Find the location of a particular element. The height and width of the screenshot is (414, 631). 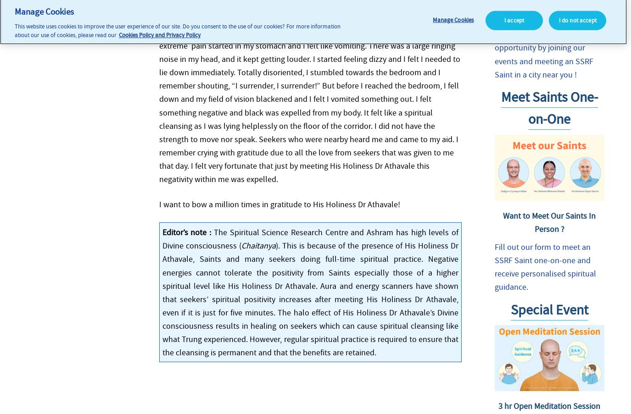

'Benefit from this unique opportunity by joining our events and meeting an SSRF Saint in a city near you !' is located at coordinates (544, 54).